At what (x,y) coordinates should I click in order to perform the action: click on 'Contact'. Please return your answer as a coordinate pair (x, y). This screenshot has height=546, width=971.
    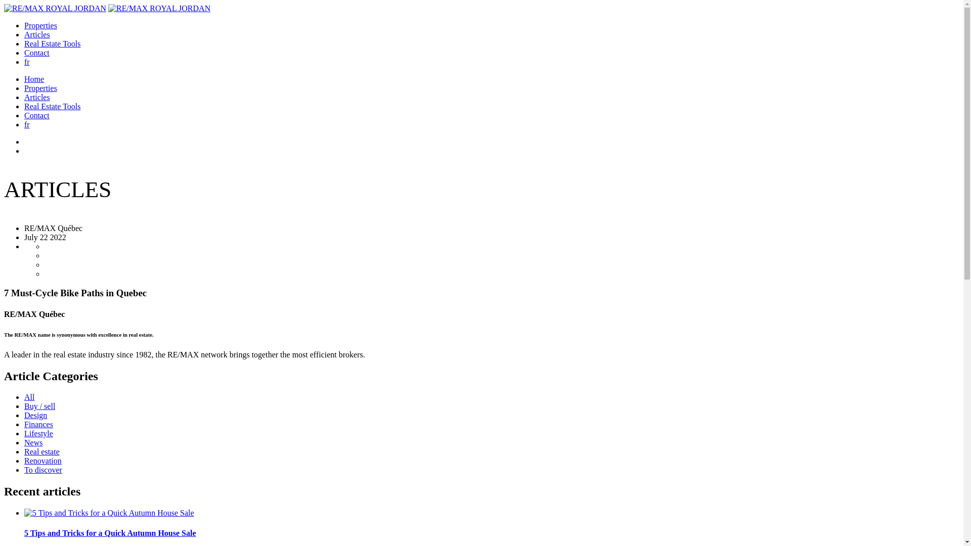
    Looking at the image, I should click on (36, 115).